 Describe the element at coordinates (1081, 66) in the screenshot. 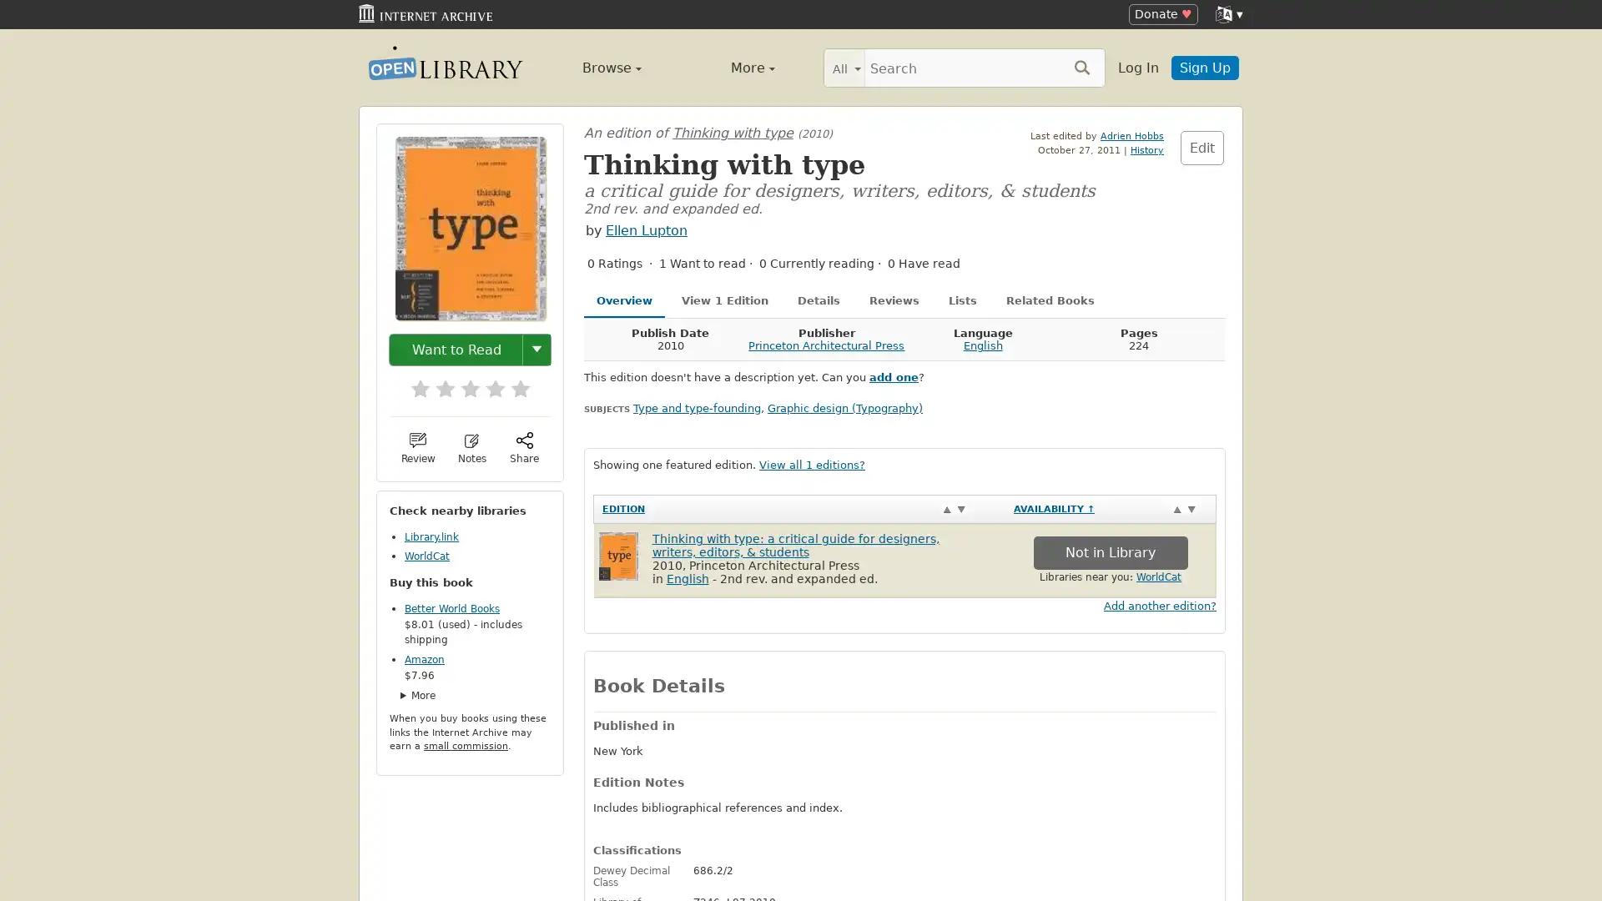

I see `Search submit` at that location.